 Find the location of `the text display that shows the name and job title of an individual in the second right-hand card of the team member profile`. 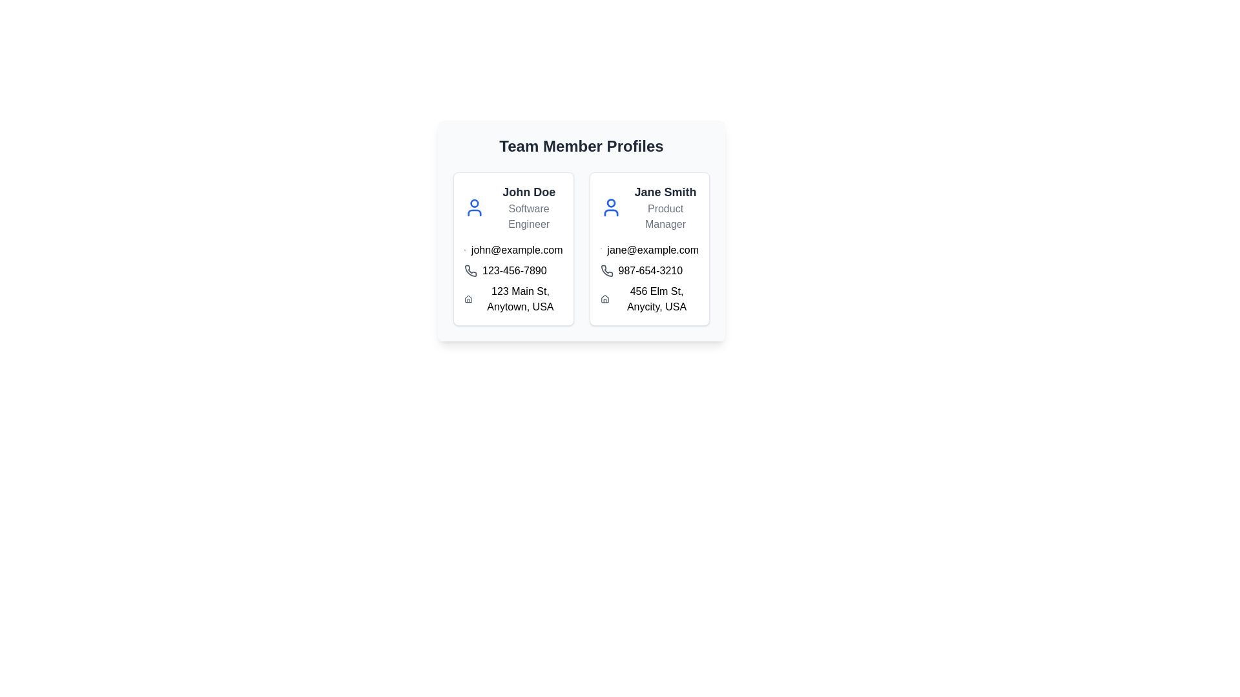

the text display that shows the name and job title of an individual in the second right-hand card of the team member profile is located at coordinates (665, 207).